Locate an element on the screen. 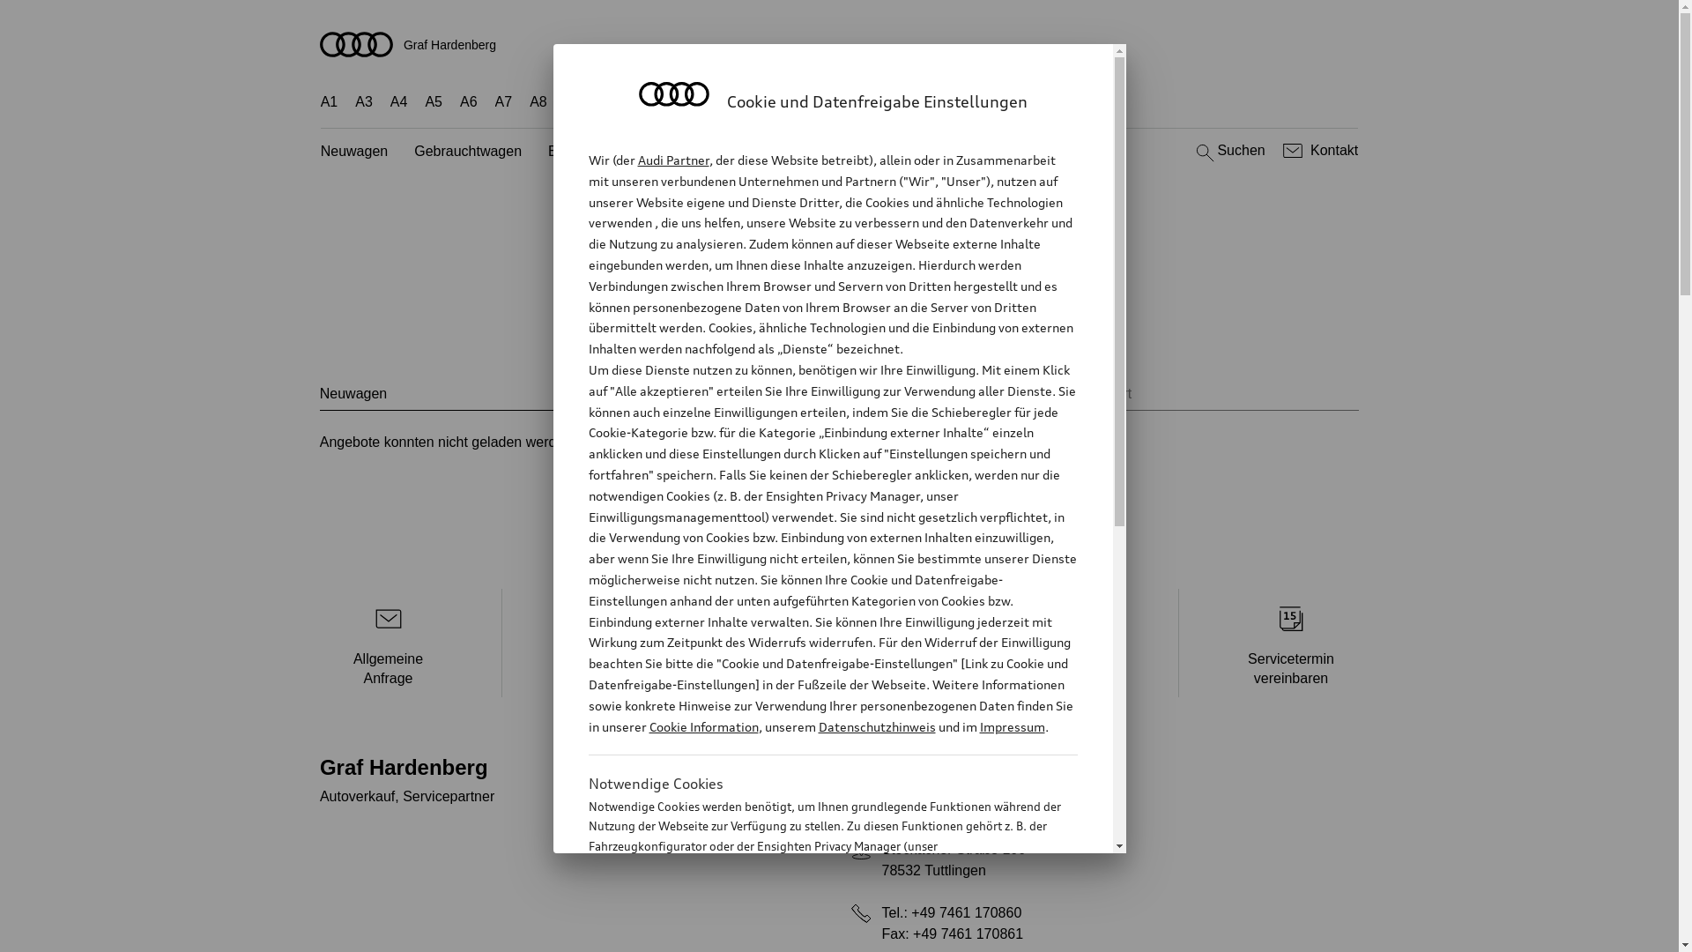 This screenshot has width=1692, height=952. 'Kontakt' is located at coordinates (1318, 150).